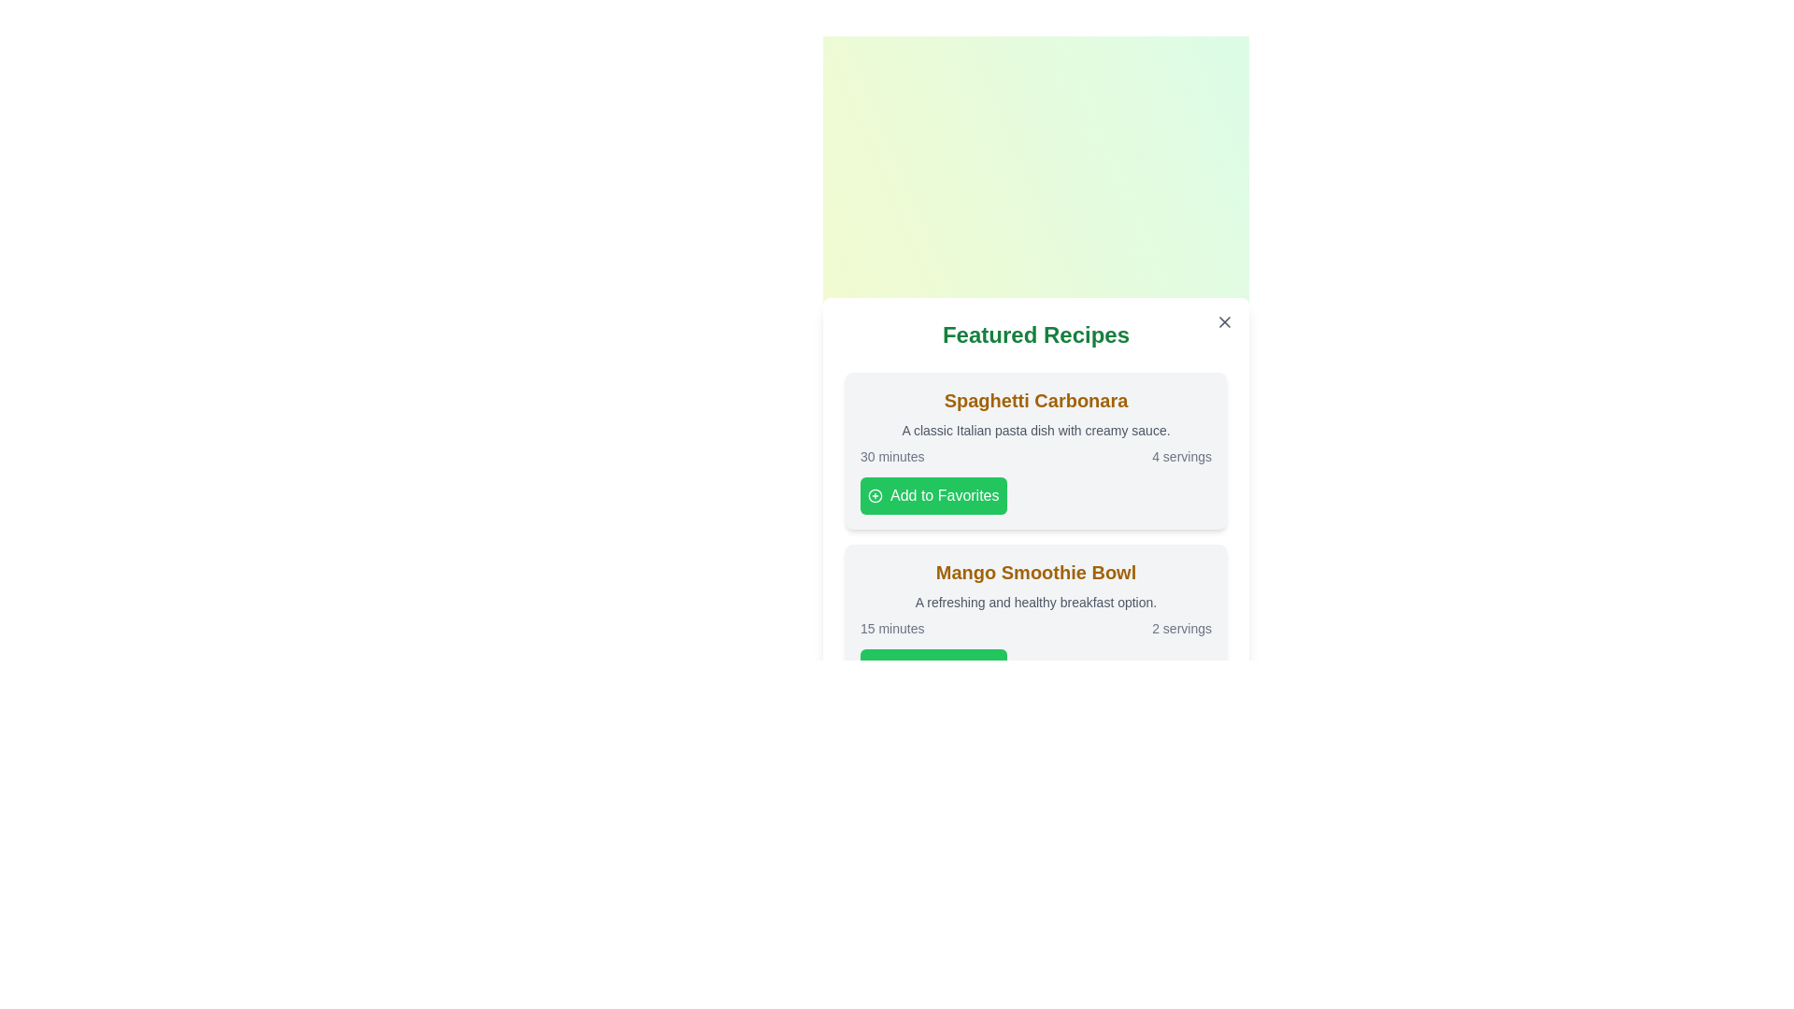 The height and width of the screenshot is (1009, 1794). What do you see at coordinates (933, 666) in the screenshot?
I see `the button located at the bottom of the mango smoothie bowl recipe card` at bounding box center [933, 666].